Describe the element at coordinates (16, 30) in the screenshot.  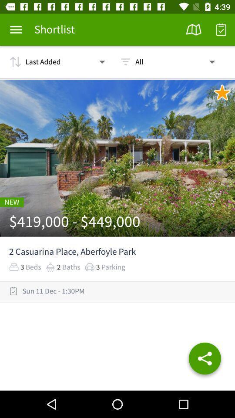
I see `click the menu button` at that location.